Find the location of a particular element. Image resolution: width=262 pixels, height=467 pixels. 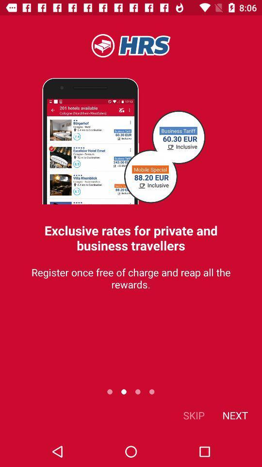

the item next to the skip item is located at coordinates (234, 414).